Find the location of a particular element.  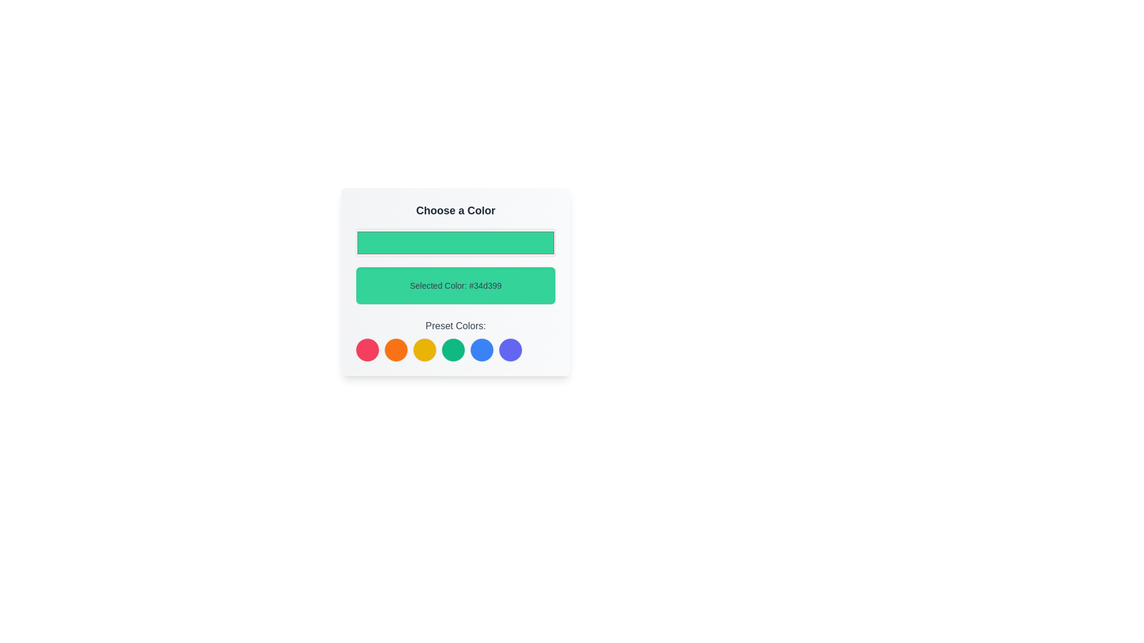

the fourth circular button with a green background is located at coordinates (453, 349).